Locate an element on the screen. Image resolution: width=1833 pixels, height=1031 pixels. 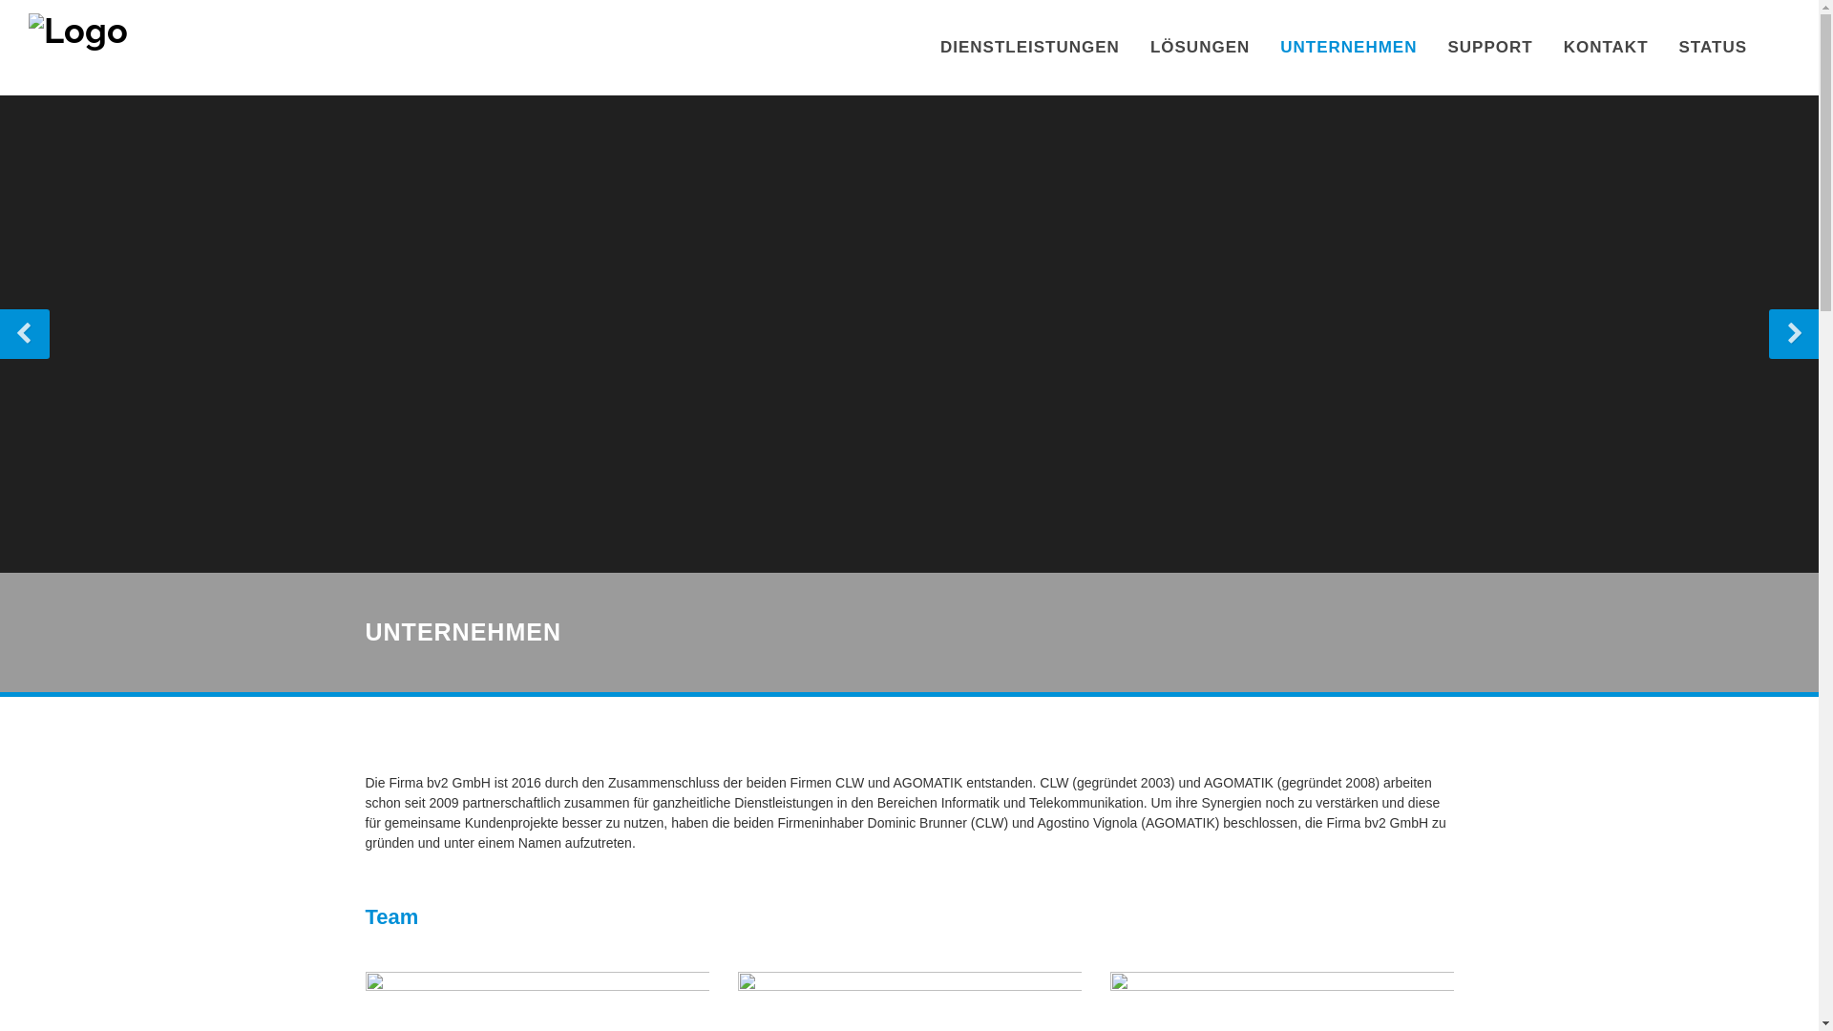
'SUPPORT' is located at coordinates (1488, 47).